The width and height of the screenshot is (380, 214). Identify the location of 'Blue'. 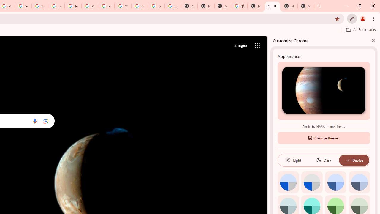
(335, 182).